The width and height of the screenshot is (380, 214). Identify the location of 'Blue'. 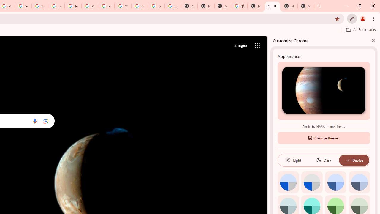
(335, 182).